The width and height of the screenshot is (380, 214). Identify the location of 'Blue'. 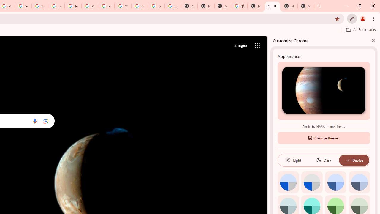
(335, 182).